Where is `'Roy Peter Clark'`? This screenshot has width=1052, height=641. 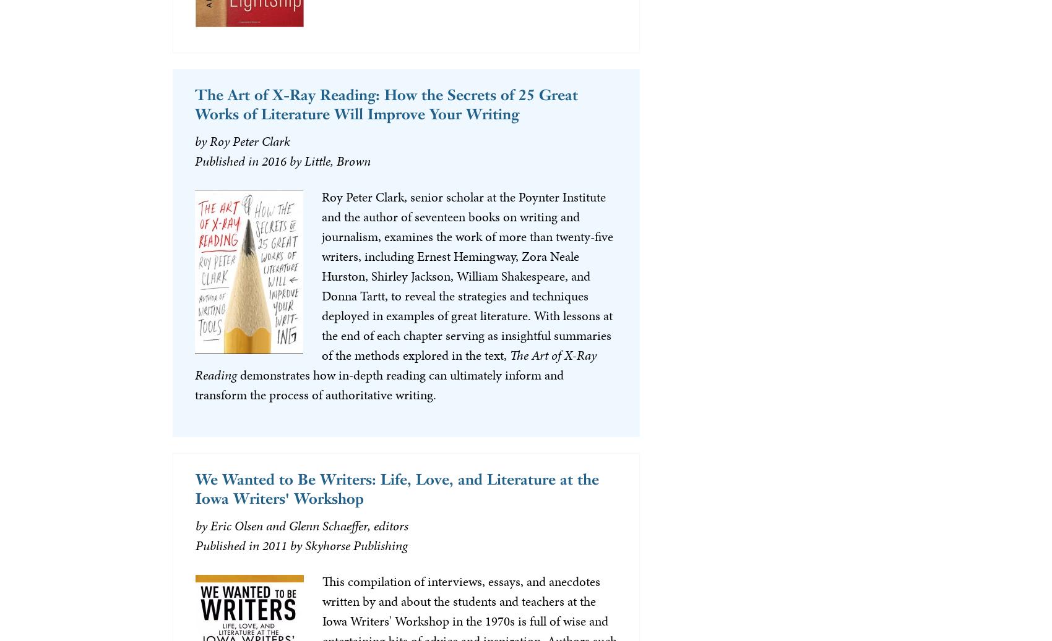 'Roy Peter Clark' is located at coordinates (249, 140).